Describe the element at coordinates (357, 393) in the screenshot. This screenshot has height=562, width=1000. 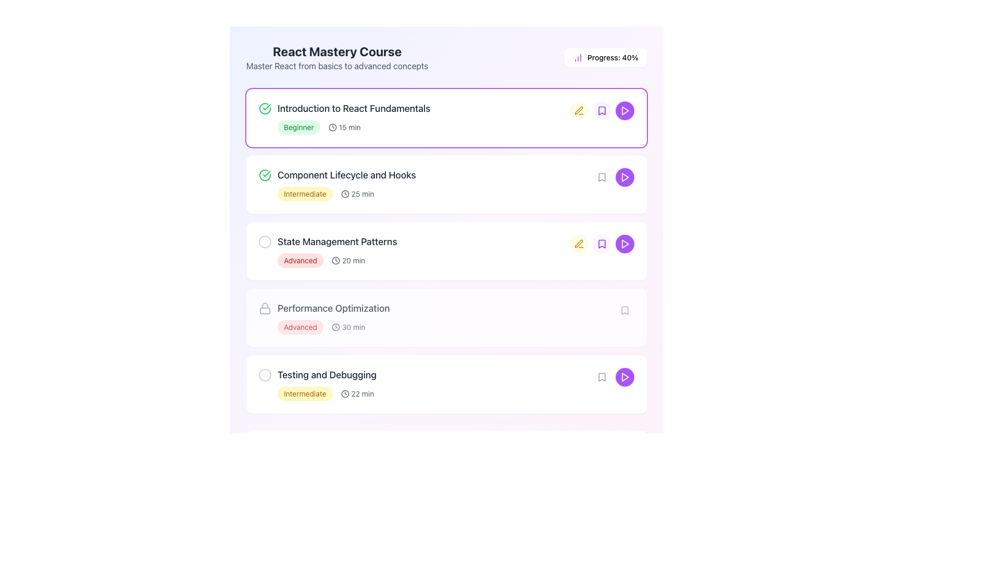
I see `the gray-colored label displaying '22 min' located in the 'Testing and Debugging' section, aligned to the right of the 'Intermediate' tag` at that location.